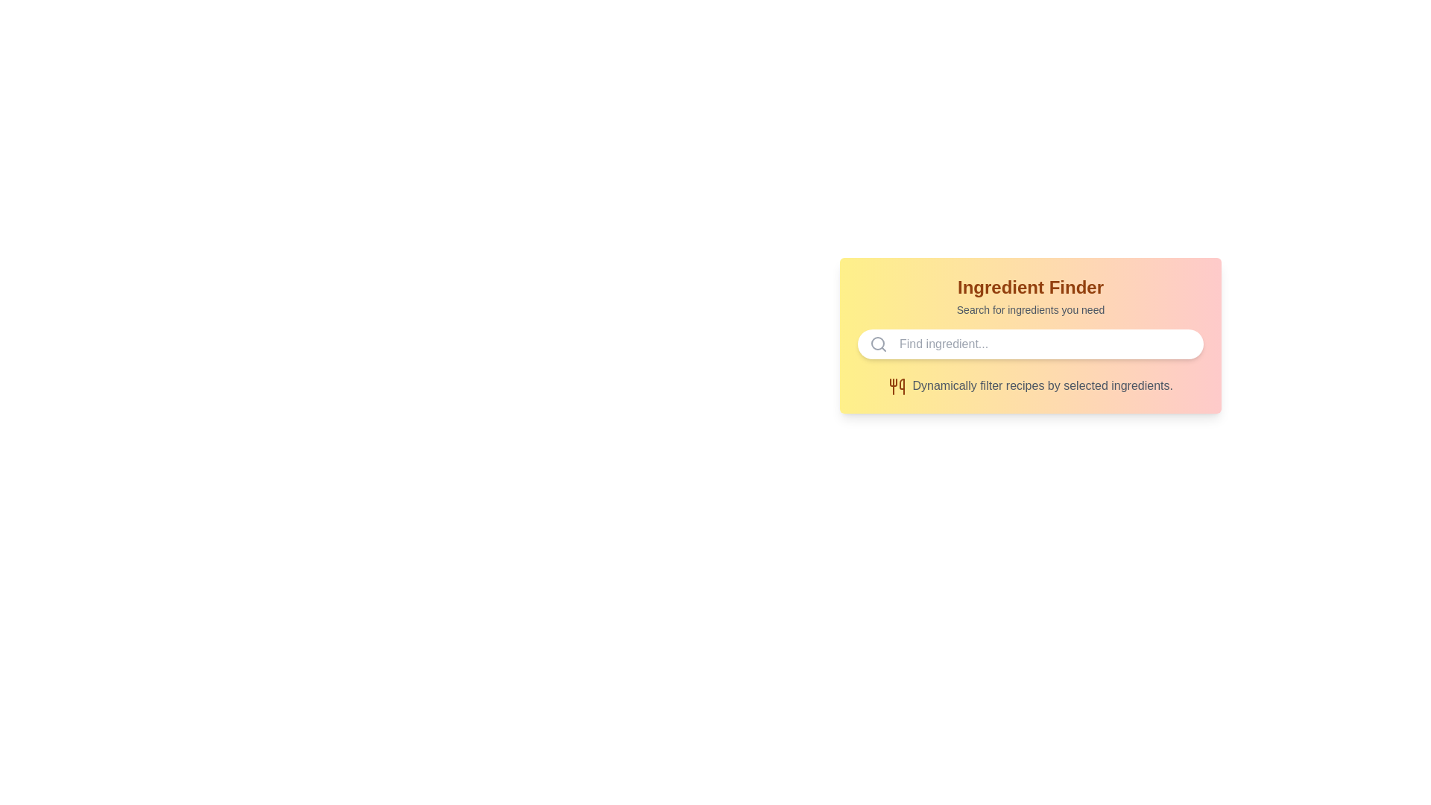  Describe the element at coordinates (1029, 385) in the screenshot. I see `the text label that says 'Dynamically filter recipes by selected ingredients.' which is styled in gray and located next to an orange utensils icon, positioned below an input field with a magnifying glass icon` at that location.